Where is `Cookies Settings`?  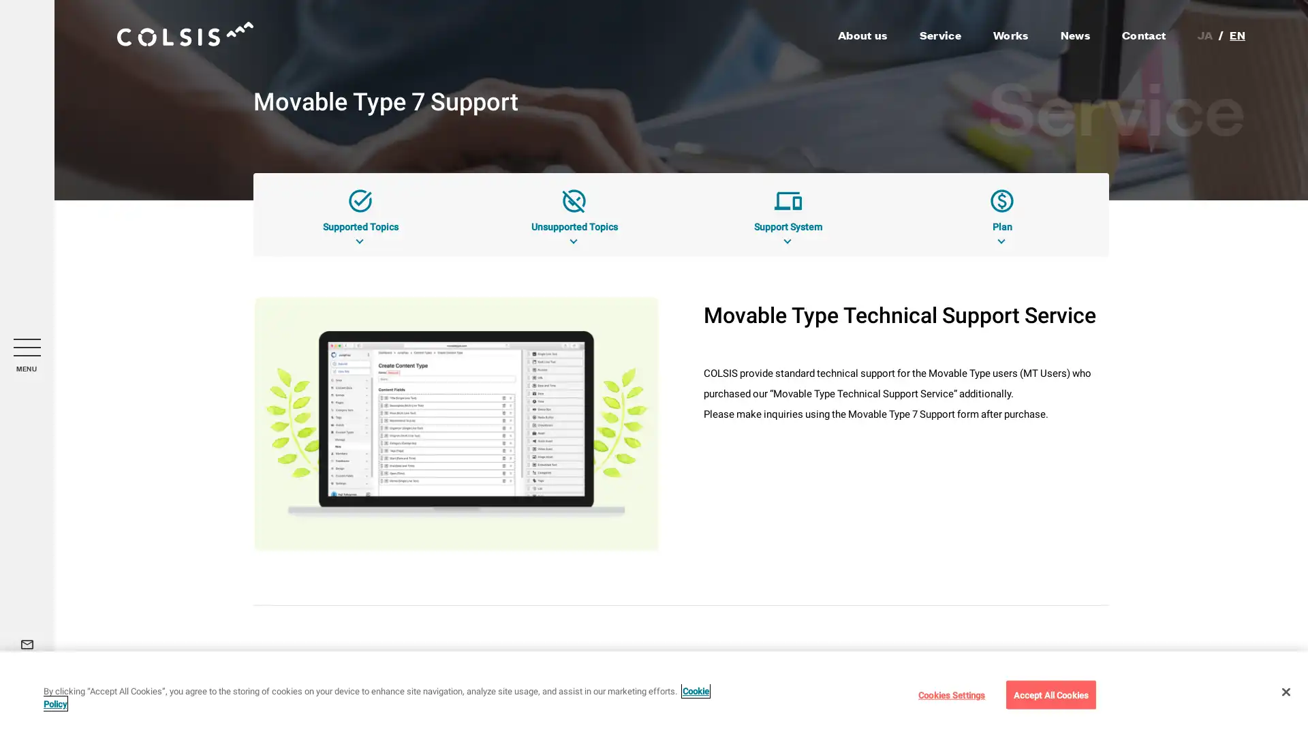 Cookies Settings is located at coordinates (950, 694).